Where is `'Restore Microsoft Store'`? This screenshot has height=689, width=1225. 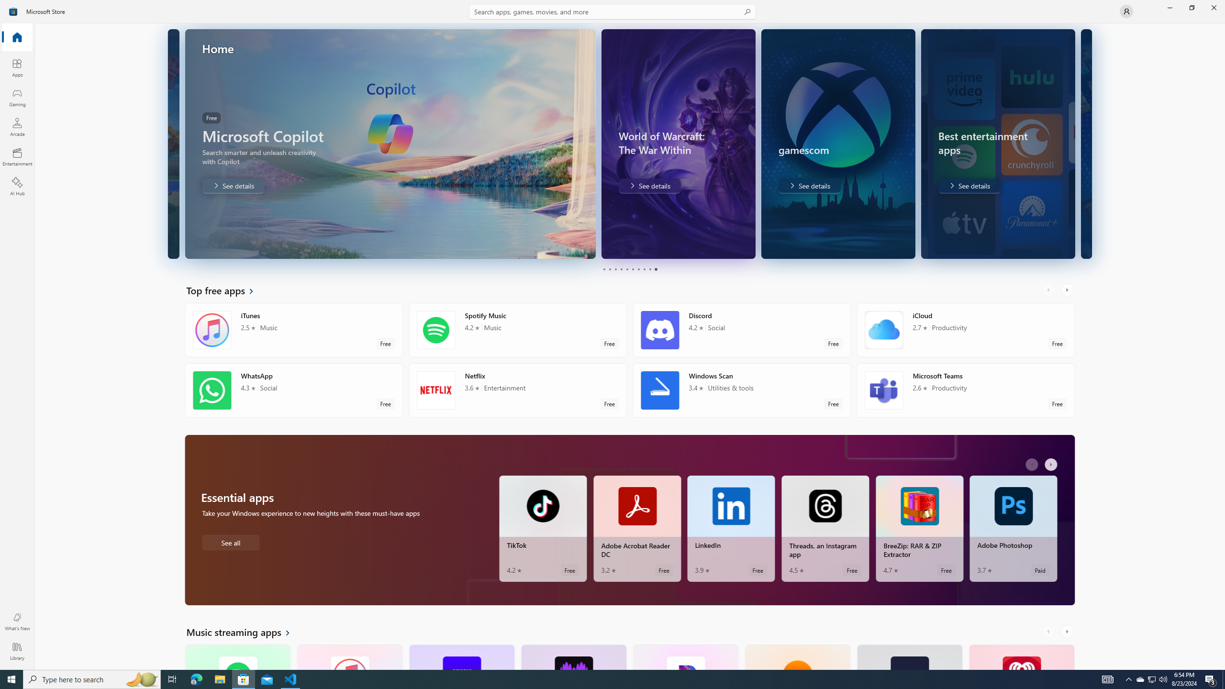
'Restore Microsoft Store' is located at coordinates (1192, 7).